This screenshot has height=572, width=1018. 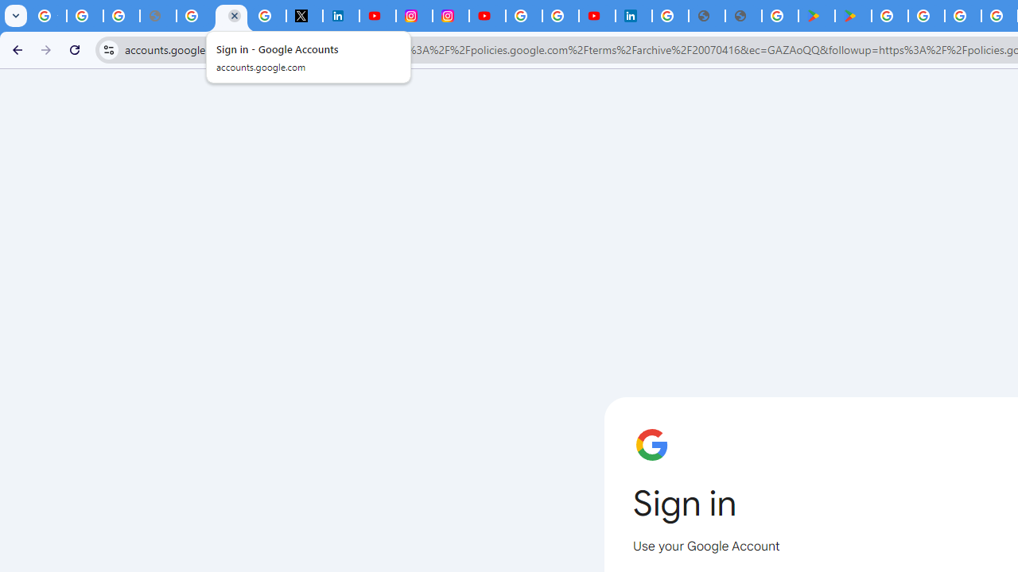 I want to click on 'Identity verification via Persona | LinkedIn Help', so click(x=633, y=16).